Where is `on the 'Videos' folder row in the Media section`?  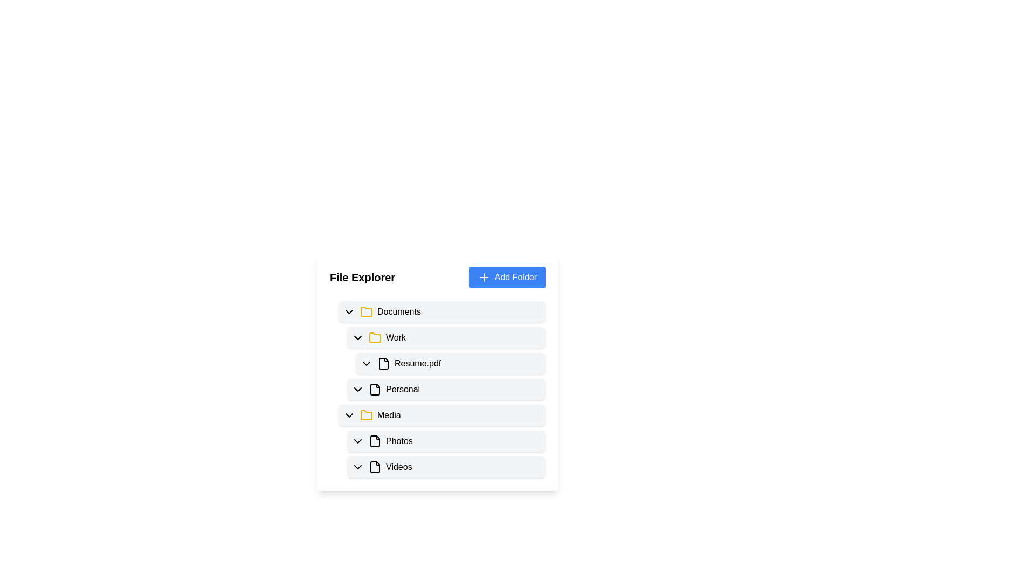 on the 'Videos' folder row in the Media section is located at coordinates (442, 465).